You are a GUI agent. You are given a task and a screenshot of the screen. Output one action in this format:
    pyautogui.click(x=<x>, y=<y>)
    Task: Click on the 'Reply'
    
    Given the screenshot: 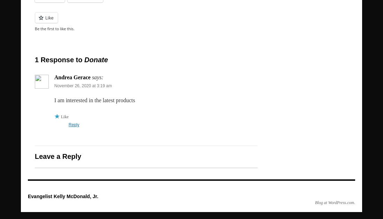 What is the action you would take?
    pyautogui.click(x=73, y=124)
    